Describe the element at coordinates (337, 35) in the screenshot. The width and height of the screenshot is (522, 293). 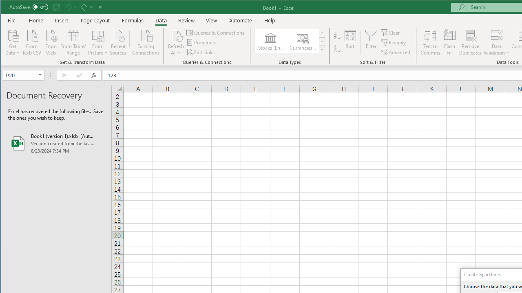
I see `'Sort Smallest to Largest'` at that location.